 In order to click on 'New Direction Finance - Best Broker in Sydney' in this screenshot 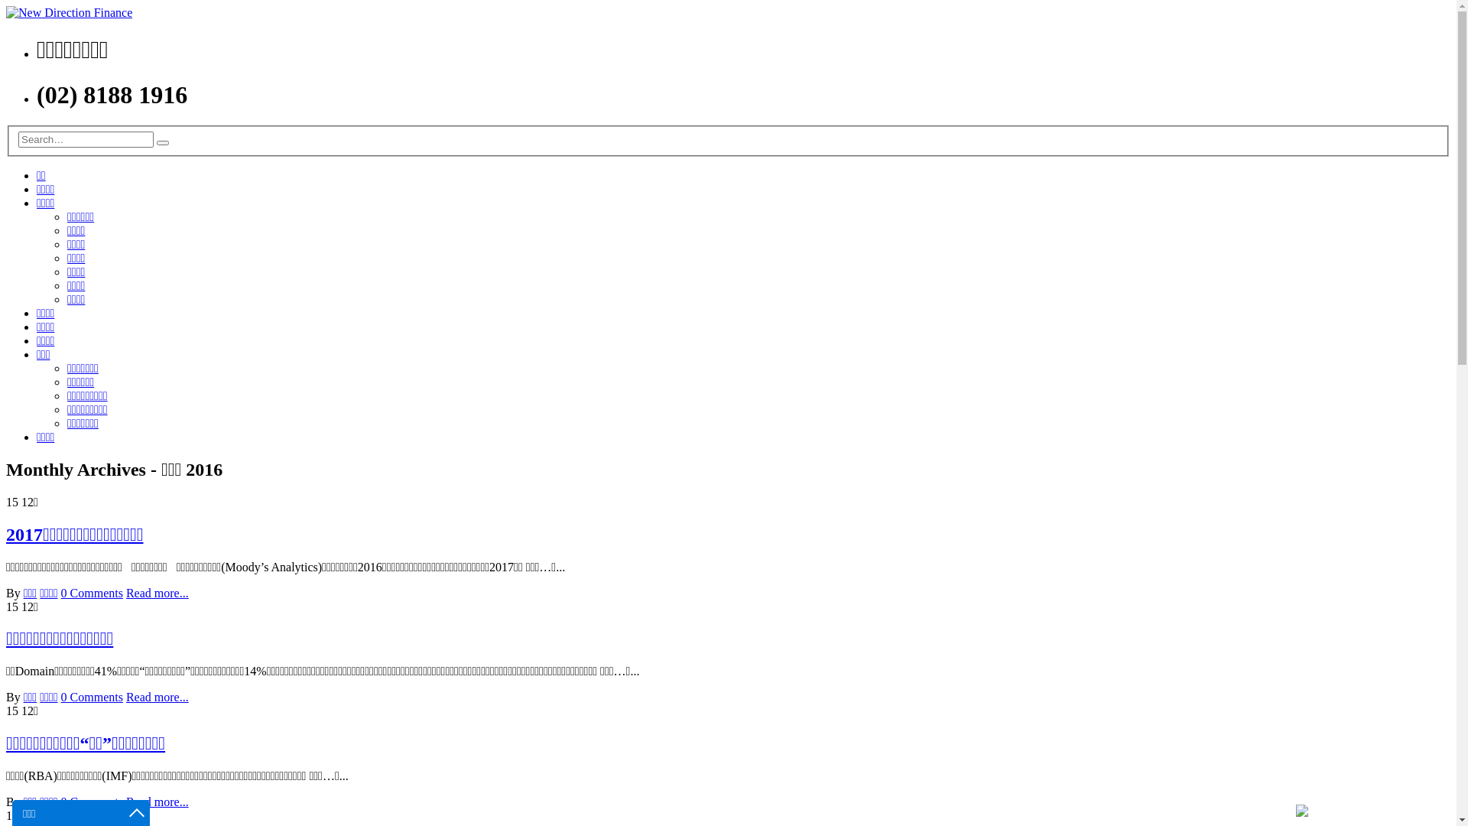, I will do `click(6, 12)`.